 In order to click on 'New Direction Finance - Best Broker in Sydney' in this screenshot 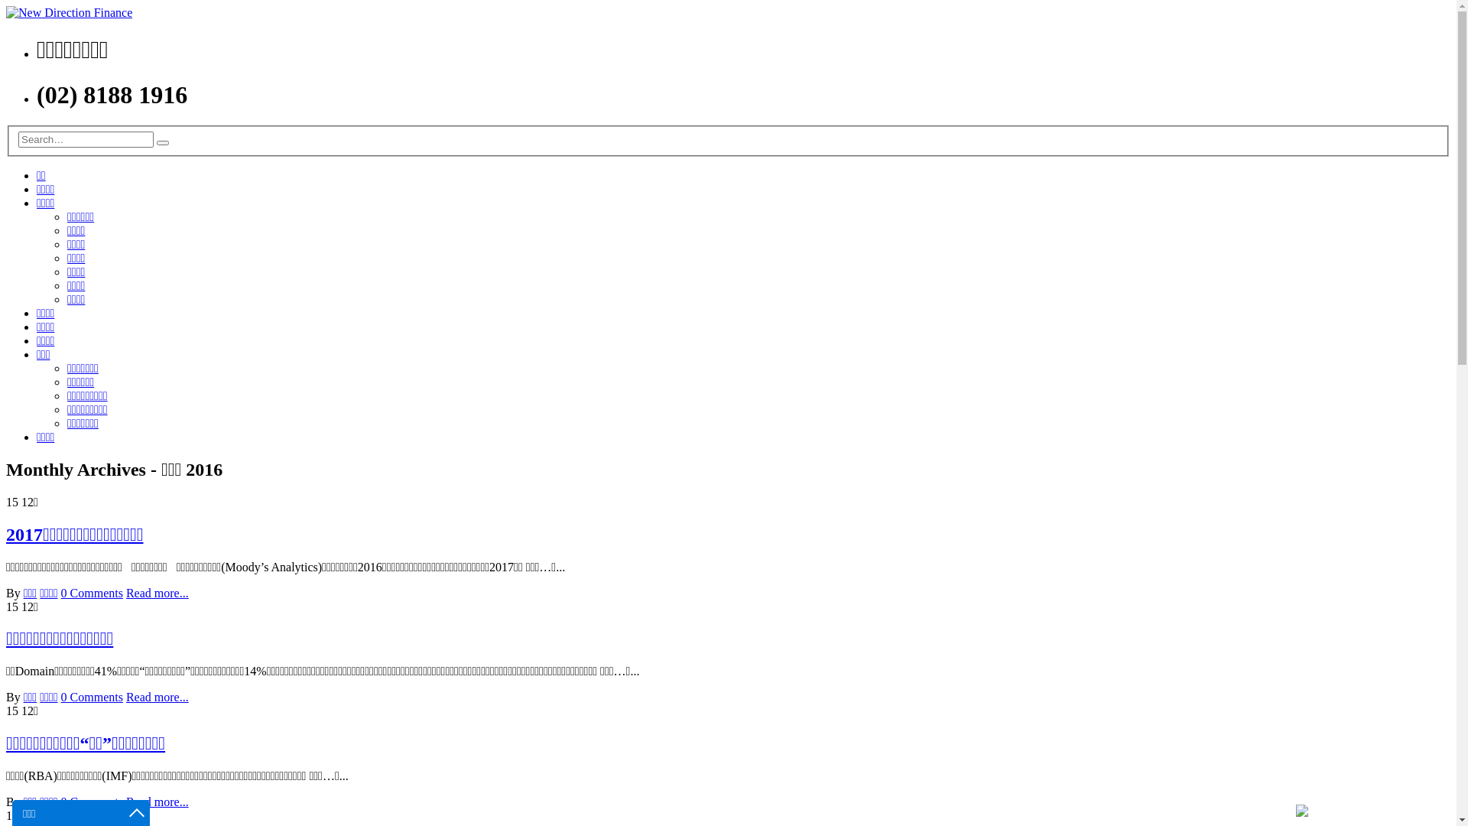, I will do `click(6, 12)`.